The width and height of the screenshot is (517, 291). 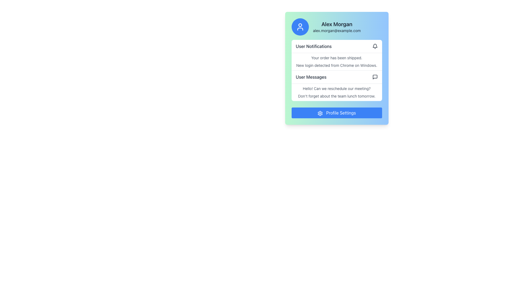 I want to click on the cogwheel-shaped icon with a blue background and white outline located at the top right of the panel, next to the 'User Notifications' heading, so click(x=320, y=113).